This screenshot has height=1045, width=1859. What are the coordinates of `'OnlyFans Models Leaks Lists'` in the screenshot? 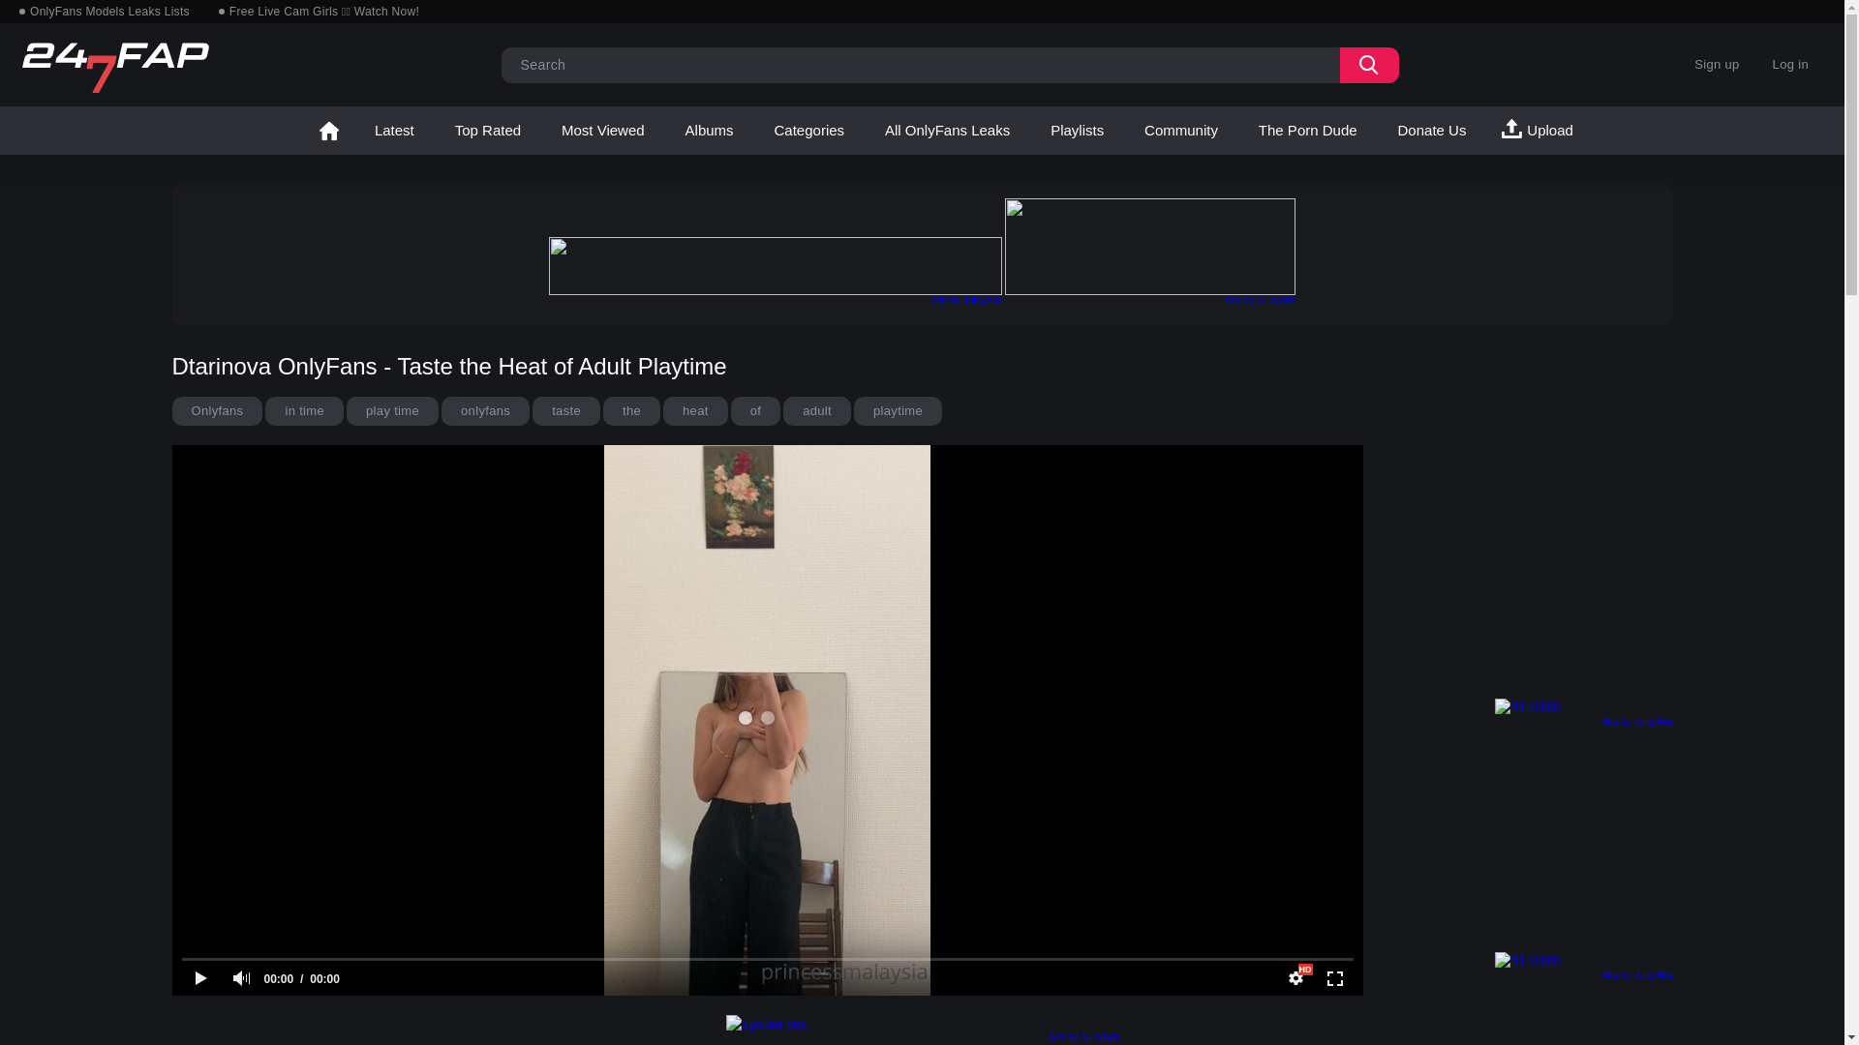 It's located at (18, 11).